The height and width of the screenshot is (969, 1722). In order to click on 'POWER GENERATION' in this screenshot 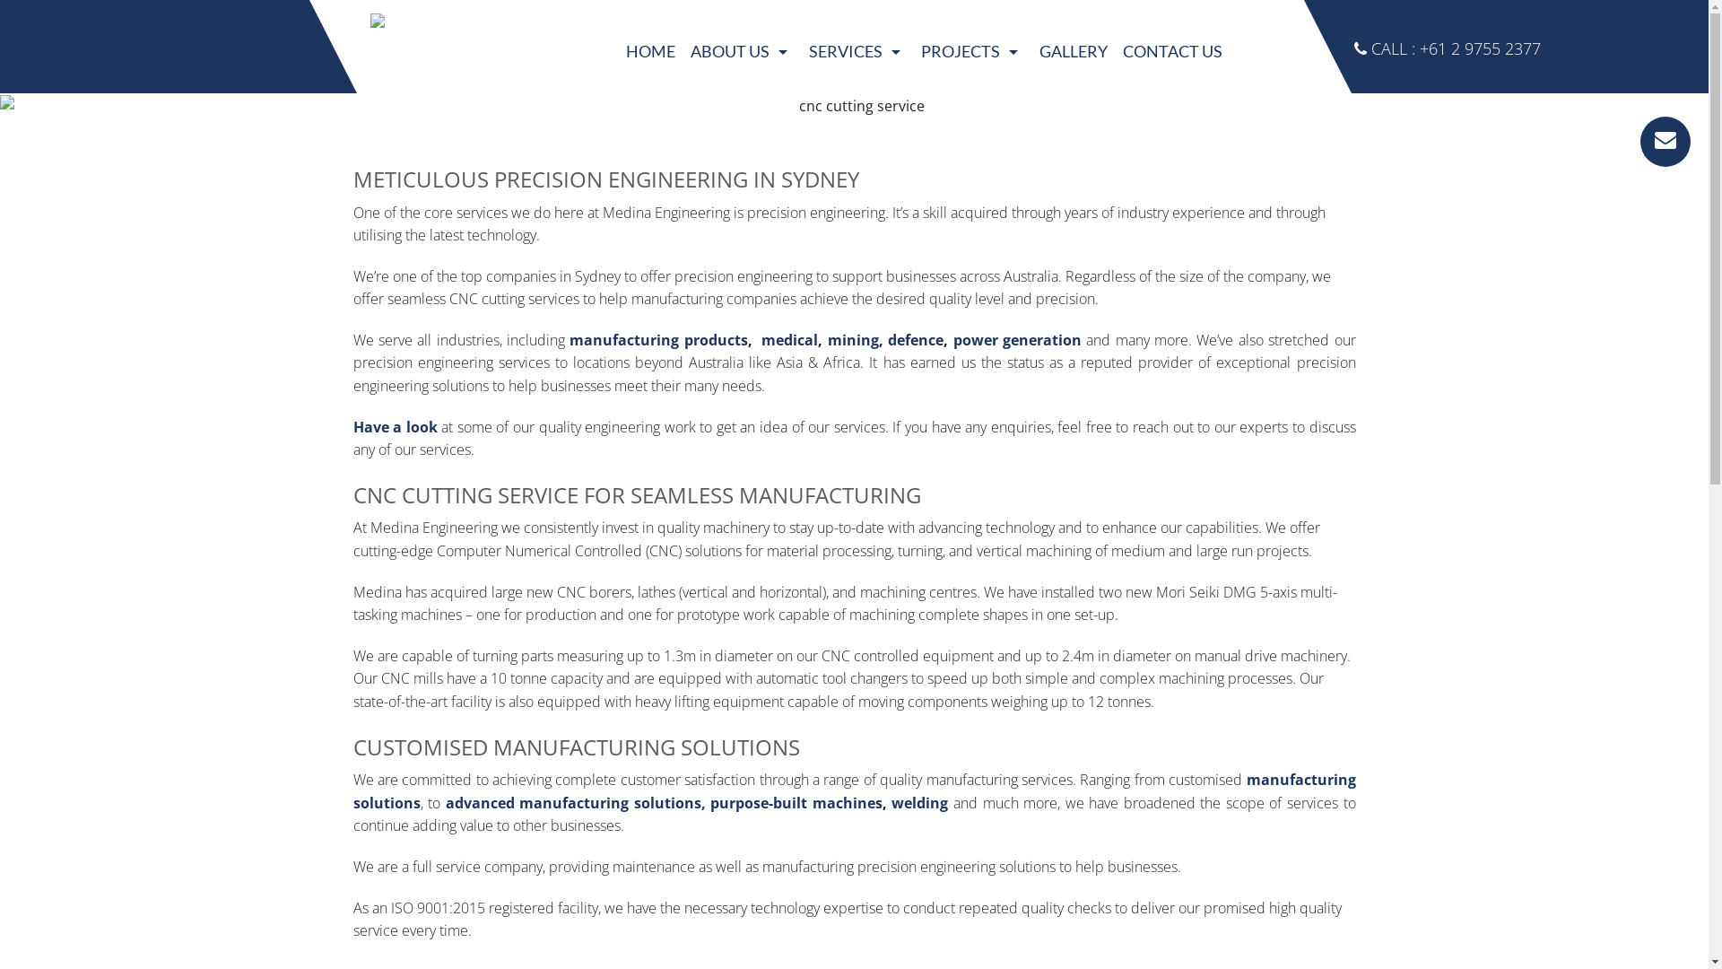, I will do `click(971, 267)`.